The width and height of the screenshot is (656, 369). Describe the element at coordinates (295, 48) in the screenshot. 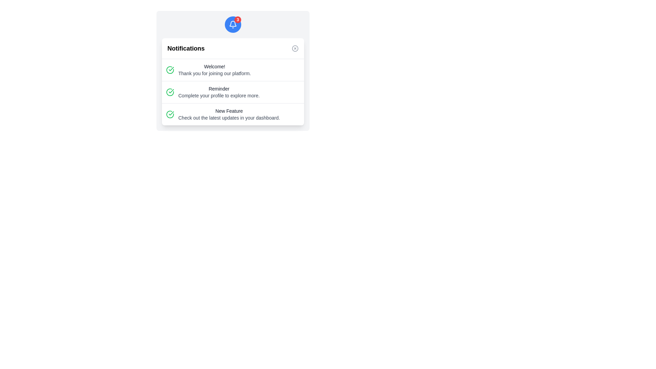

I see `the close button located at the top-right of the Notifications section to possibly see a tooltip` at that location.